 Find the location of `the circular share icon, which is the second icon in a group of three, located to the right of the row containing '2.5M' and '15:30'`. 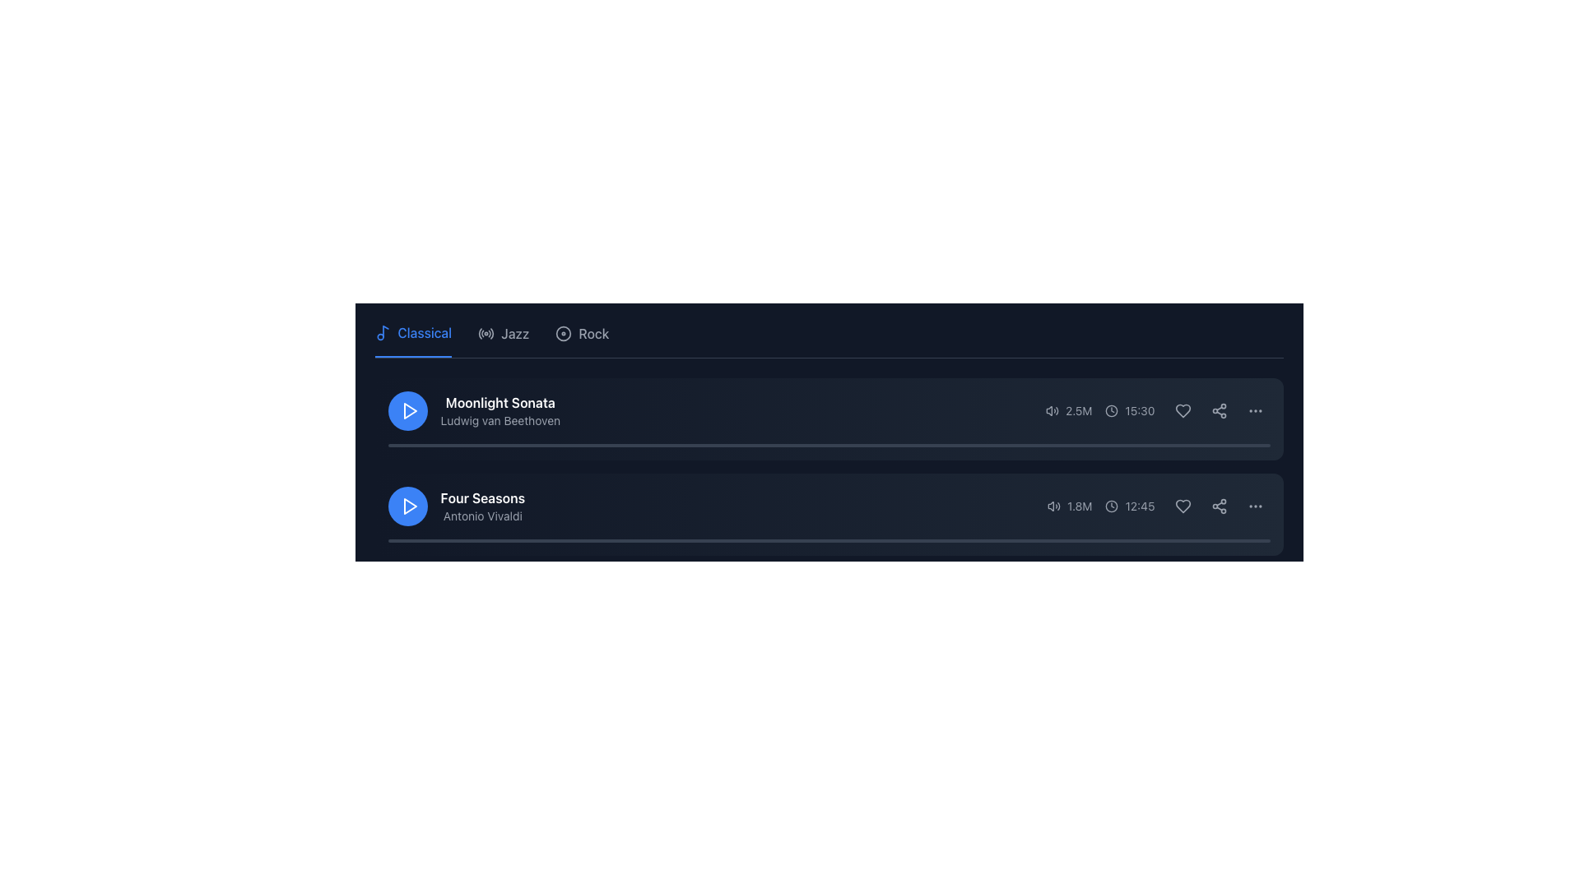

the circular share icon, which is the second icon in a group of three, located to the right of the row containing '2.5M' and '15:30' is located at coordinates (1219, 410).